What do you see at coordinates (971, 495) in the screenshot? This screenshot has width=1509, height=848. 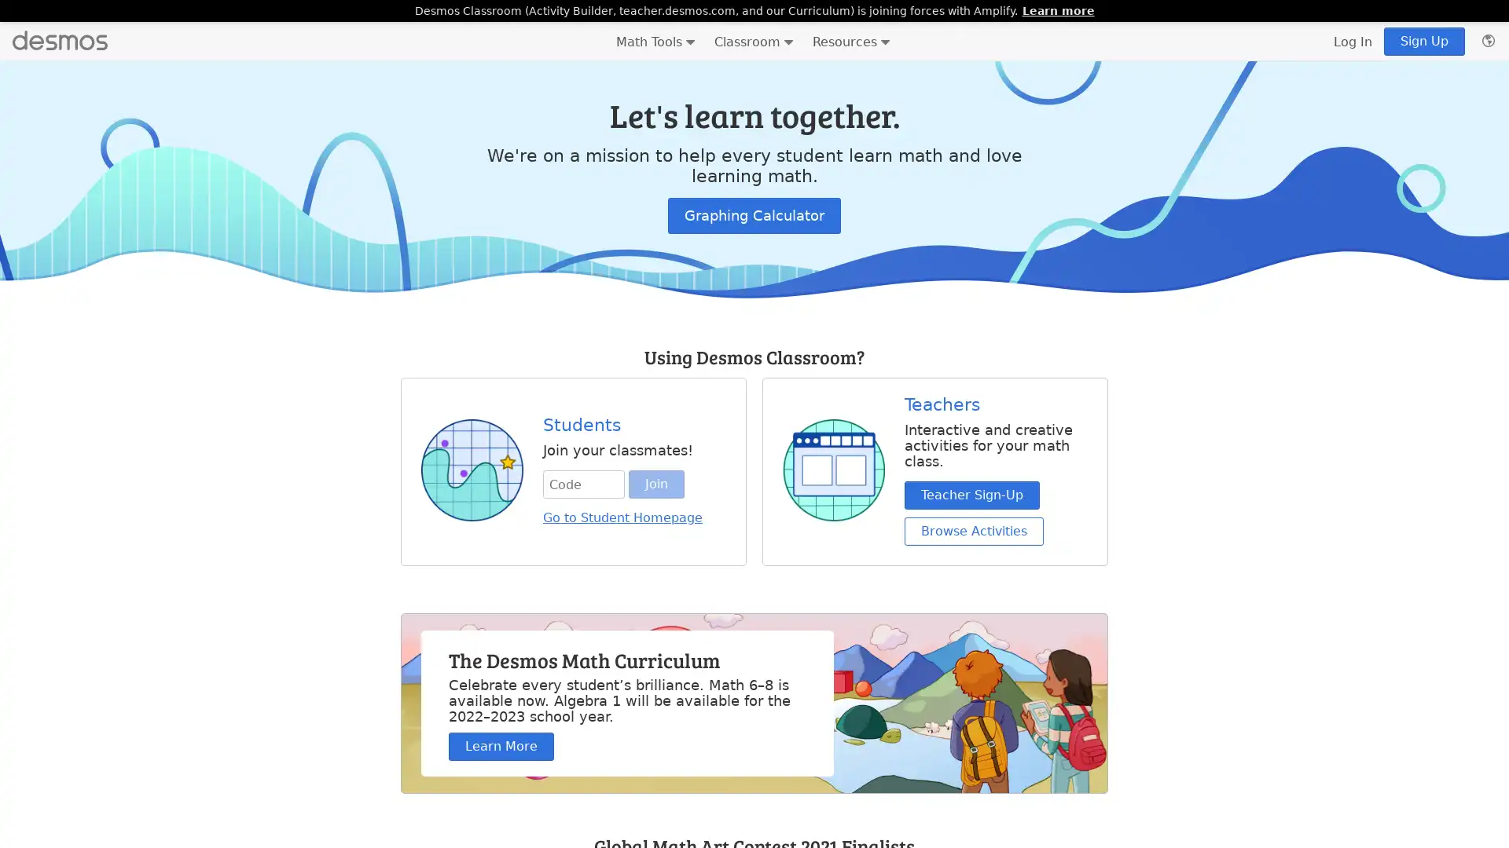 I see `Teacher Sign-Up` at bounding box center [971, 495].